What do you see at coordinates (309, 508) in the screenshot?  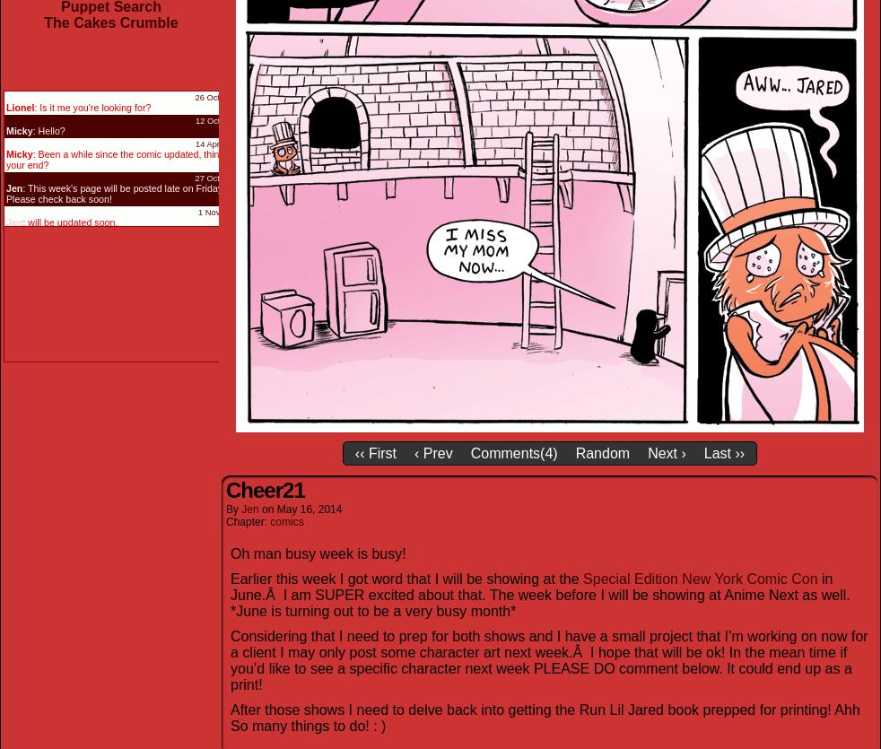 I see `'May 16, 2014'` at bounding box center [309, 508].